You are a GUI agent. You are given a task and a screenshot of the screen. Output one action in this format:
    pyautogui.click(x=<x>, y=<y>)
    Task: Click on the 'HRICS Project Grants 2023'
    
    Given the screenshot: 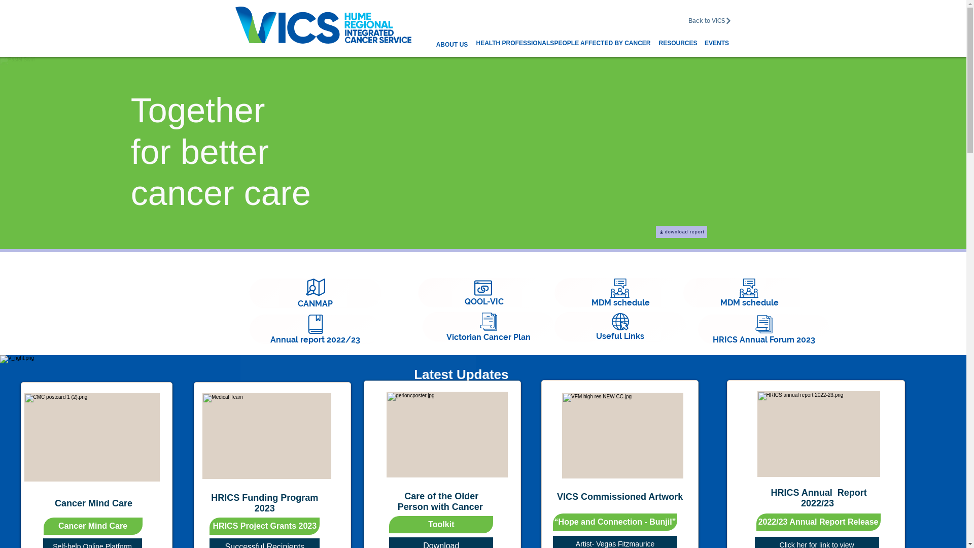 What is the action you would take?
    pyautogui.click(x=208, y=526)
    